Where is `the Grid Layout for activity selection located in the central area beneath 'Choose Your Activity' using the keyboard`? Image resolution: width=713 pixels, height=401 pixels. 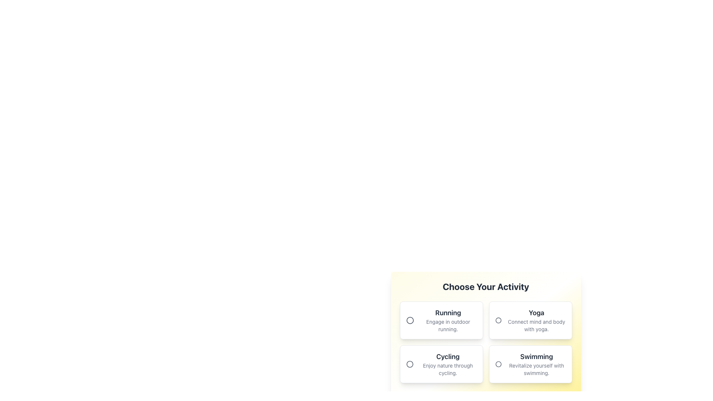 the Grid Layout for activity selection located in the central area beneath 'Choose Your Activity' using the keyboard is located at coordinates (486, 342).